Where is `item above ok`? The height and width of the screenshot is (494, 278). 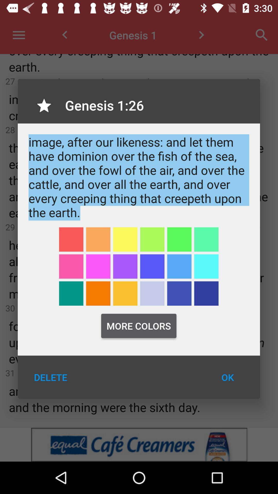
item above ok is located at coordinates (206, 293).